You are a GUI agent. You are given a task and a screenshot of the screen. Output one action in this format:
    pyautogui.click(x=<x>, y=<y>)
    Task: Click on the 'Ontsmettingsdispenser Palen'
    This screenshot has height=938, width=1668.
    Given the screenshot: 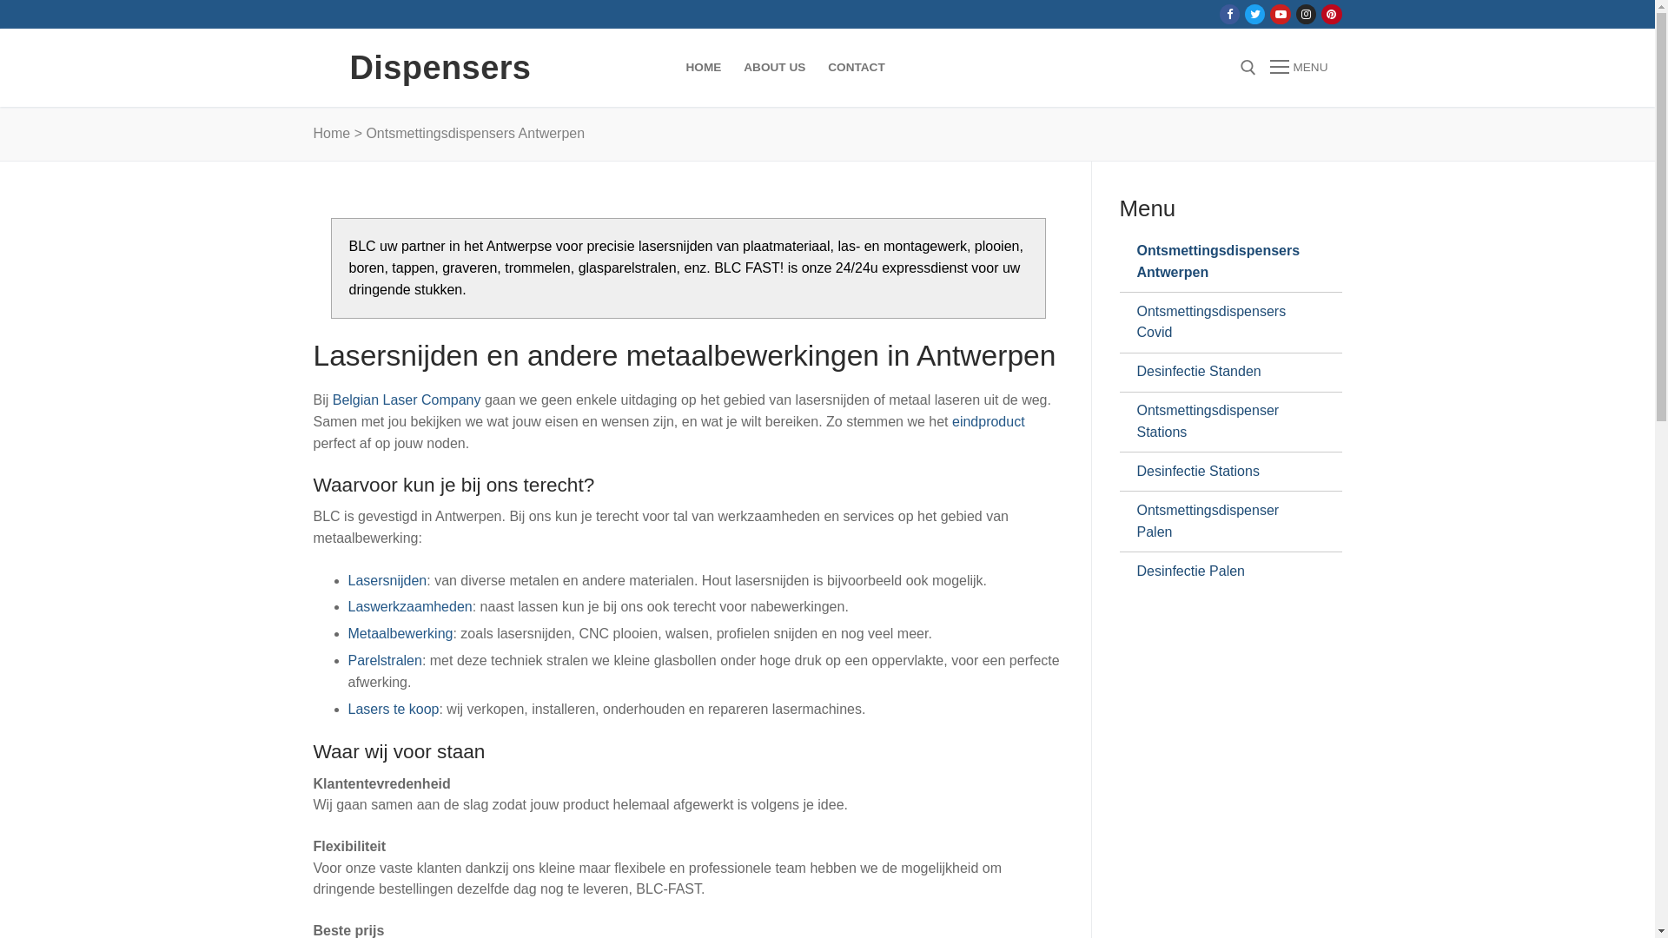 What is the action you would take?
    pyautogui.click(x=1221, y=520)
    